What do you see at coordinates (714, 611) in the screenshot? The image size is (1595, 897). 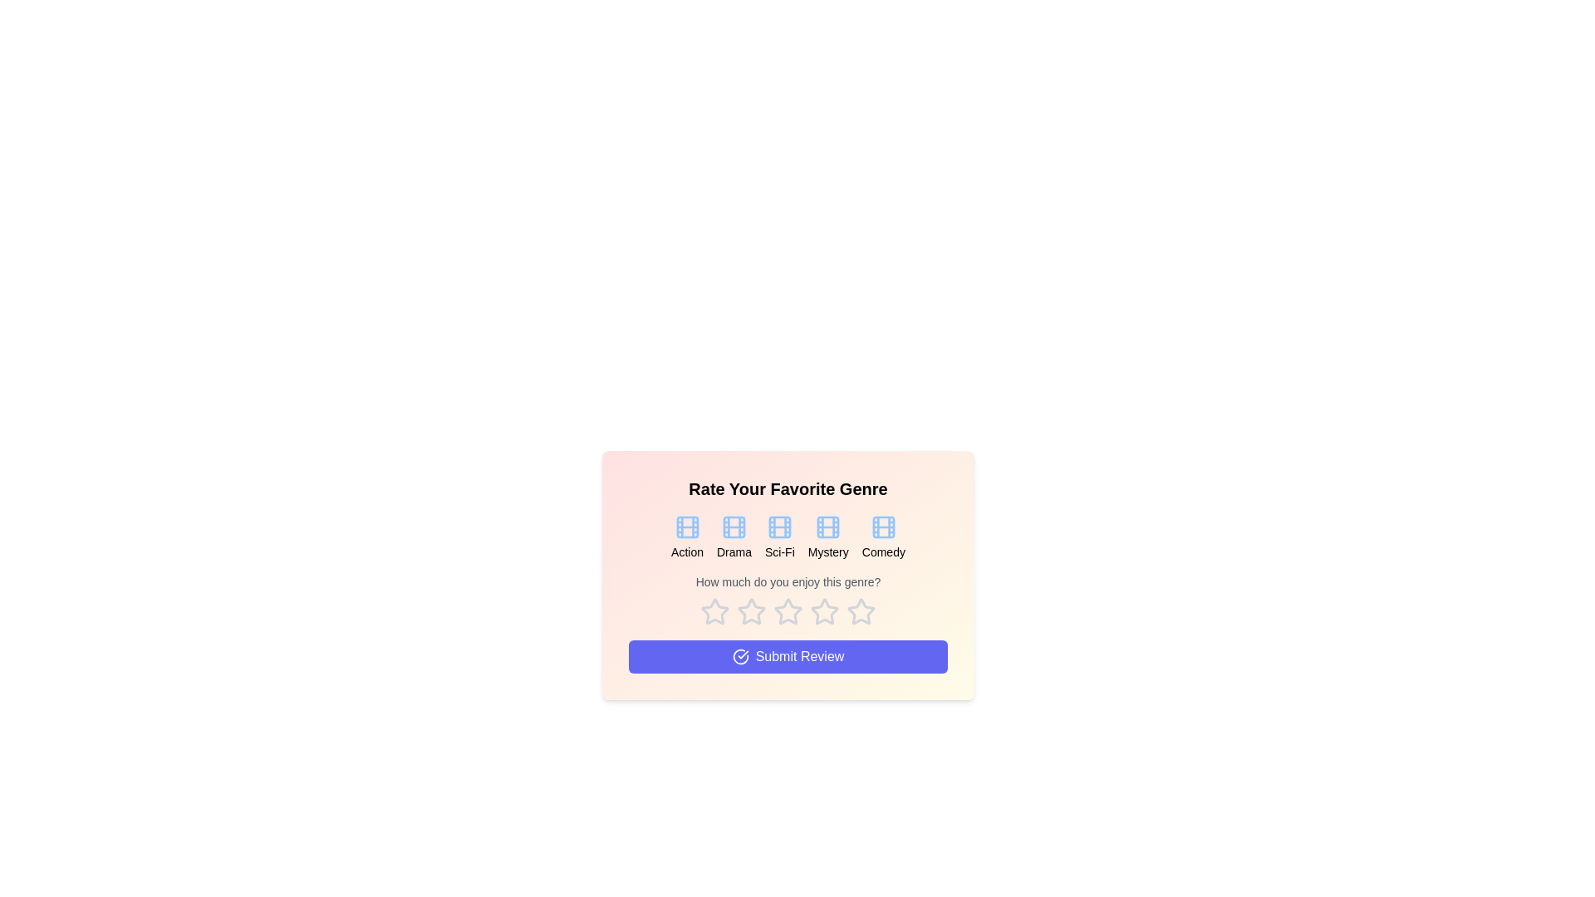 I see `the star corresponding to 1 stars to preview the rating` at bounding box center [714, 611].